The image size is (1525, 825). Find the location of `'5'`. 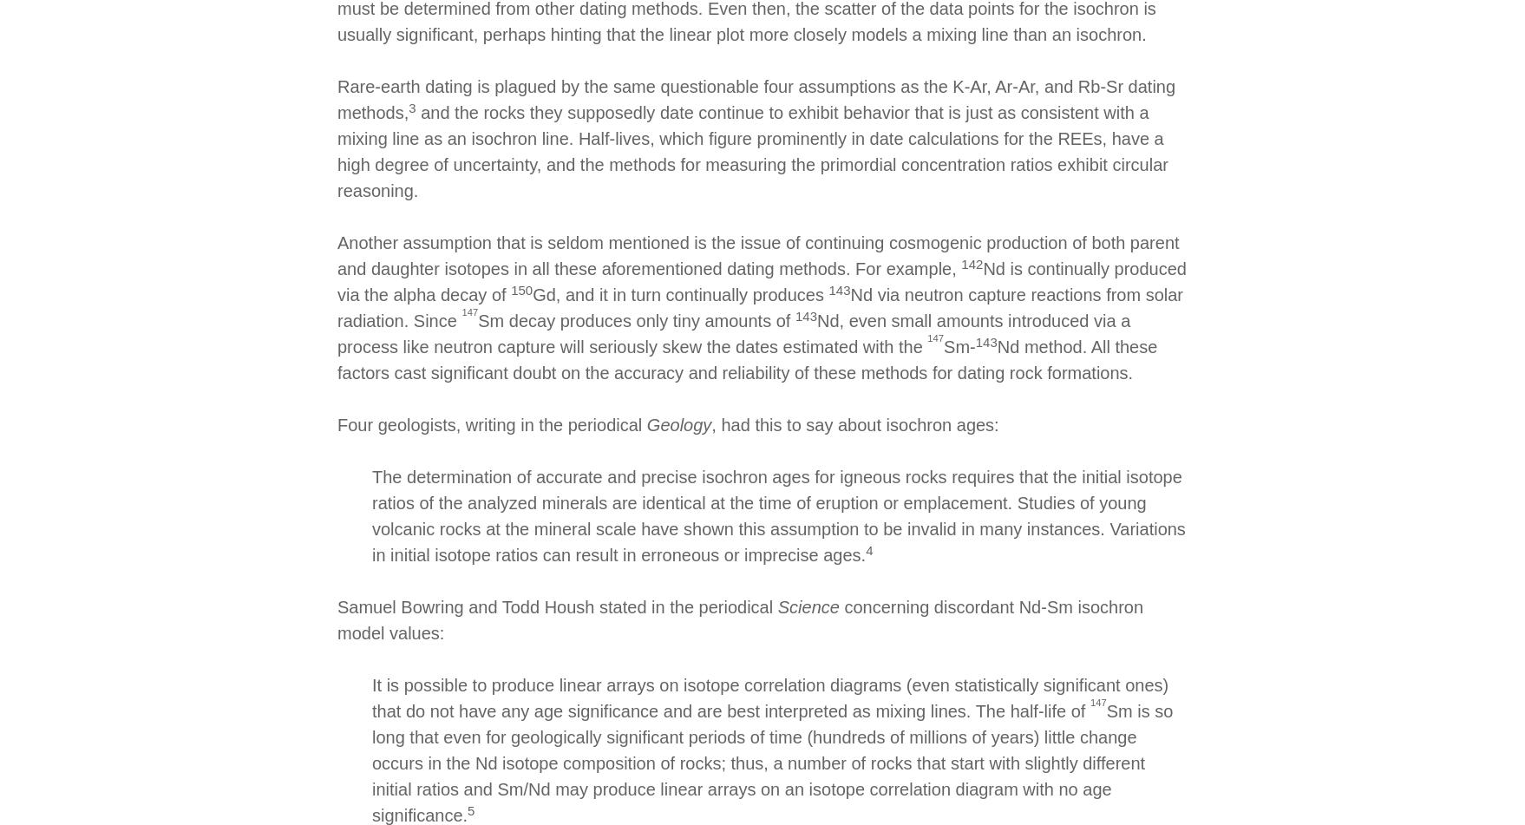

'5' is located at coordinates (467, 809).